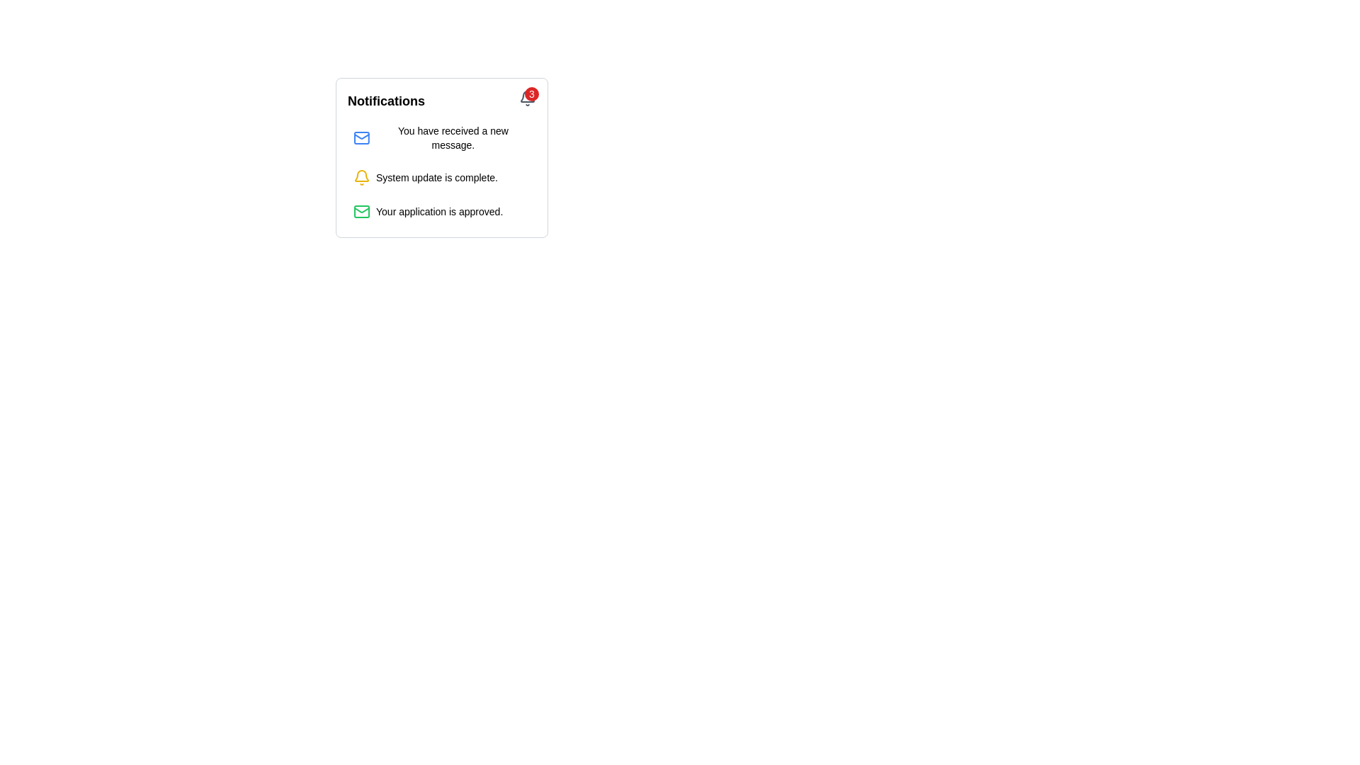  What do you see at coordinates (523, 100) in the screenshot?
I see `the circular red notification badge with the number '3' inside, which is positioned at the top right corner of the notification bell icon` at bounding box center [523, 100].